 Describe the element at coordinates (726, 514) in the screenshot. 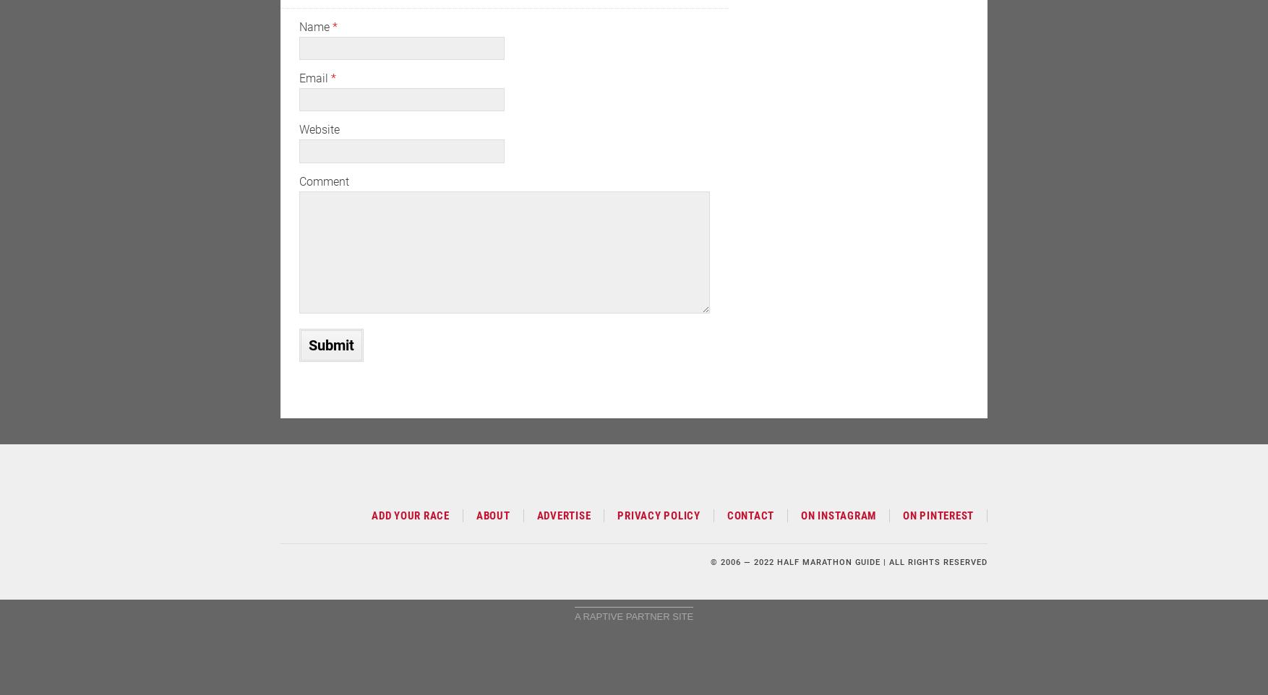

I see `'Contact'` at that location.